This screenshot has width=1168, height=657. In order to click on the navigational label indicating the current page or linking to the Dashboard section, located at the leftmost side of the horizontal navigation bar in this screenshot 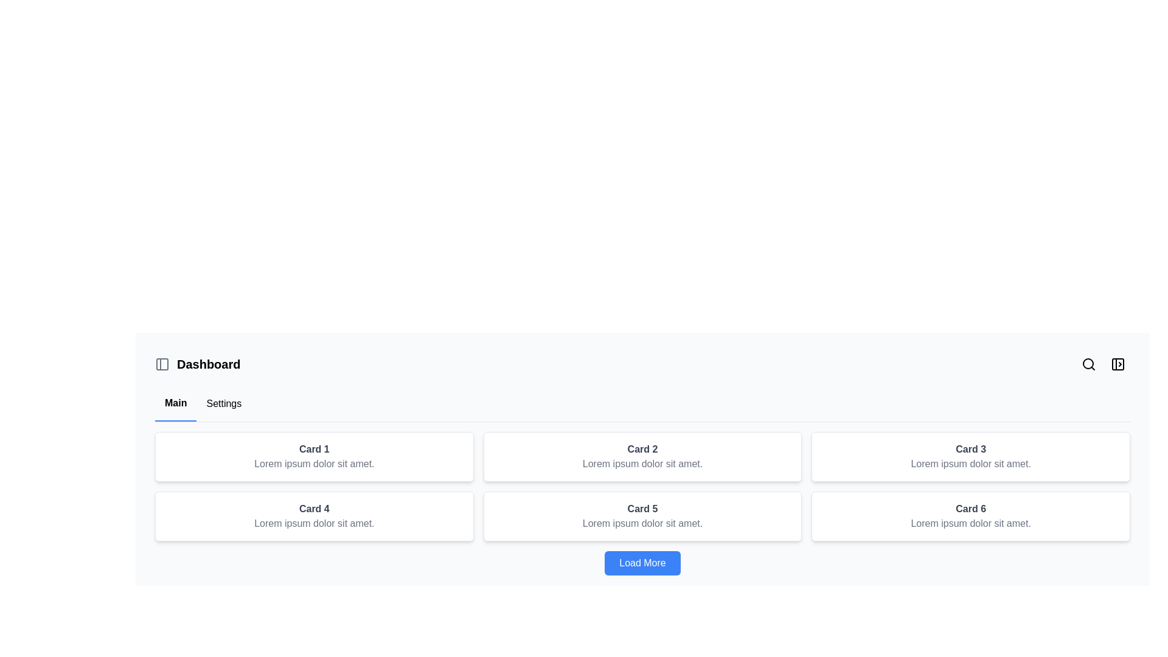, I will do `click(198, 363)`.